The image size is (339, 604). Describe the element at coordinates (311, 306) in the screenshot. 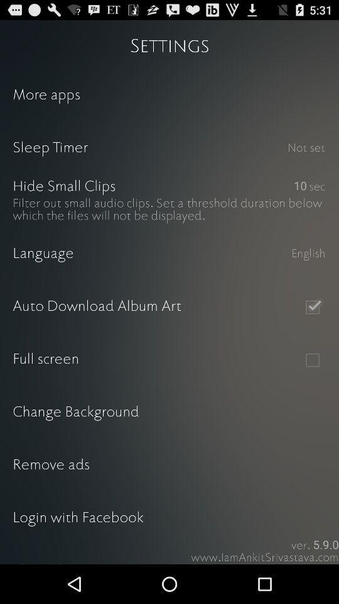

I see `auto download album art option` at that location.